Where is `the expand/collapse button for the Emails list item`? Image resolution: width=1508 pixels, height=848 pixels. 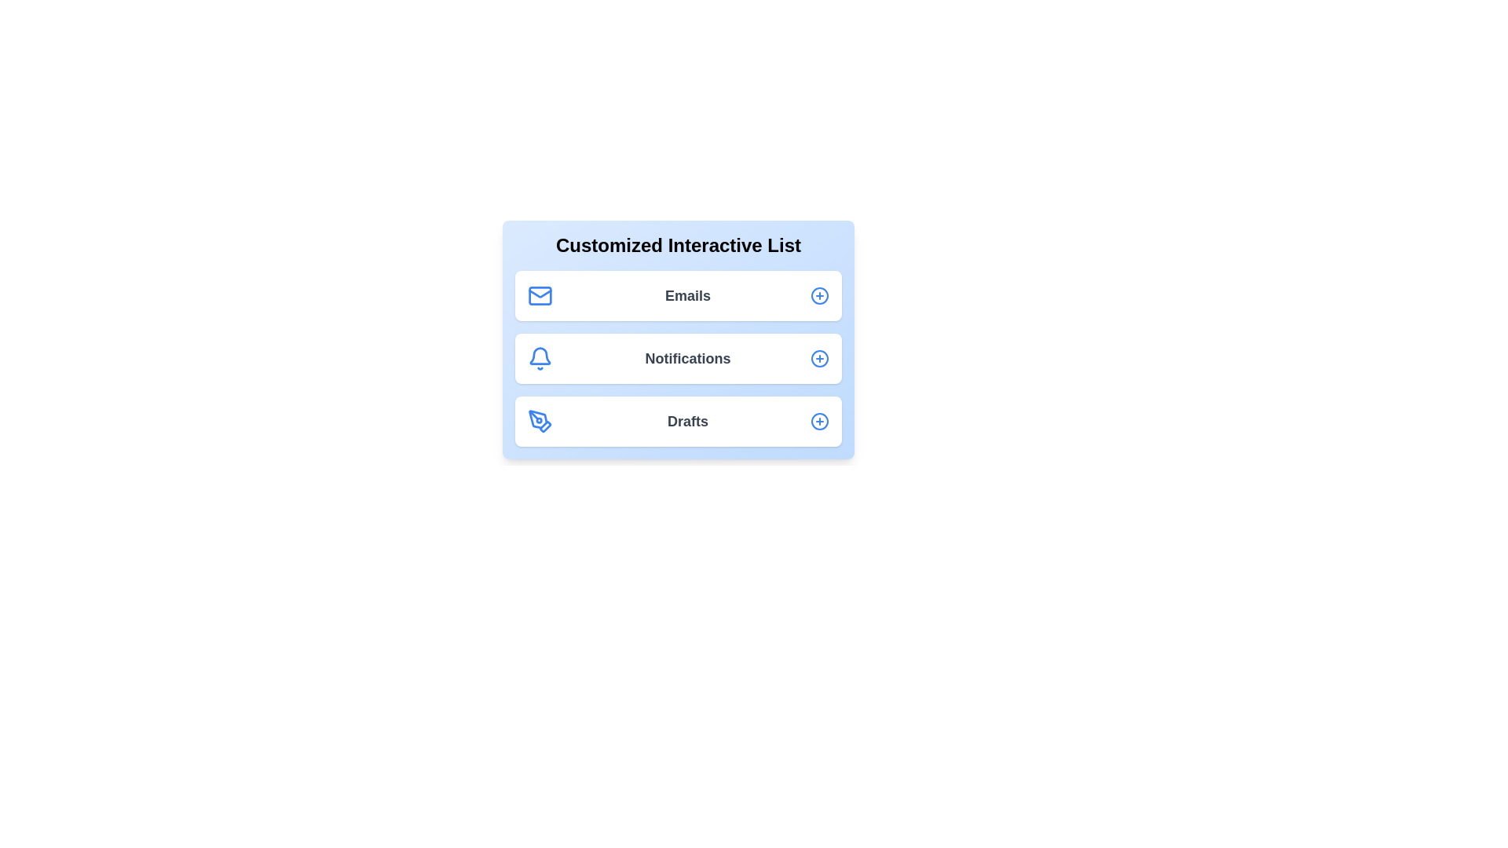
the expand/collapse button for the Emails list item is located at coordinates (818, 296).